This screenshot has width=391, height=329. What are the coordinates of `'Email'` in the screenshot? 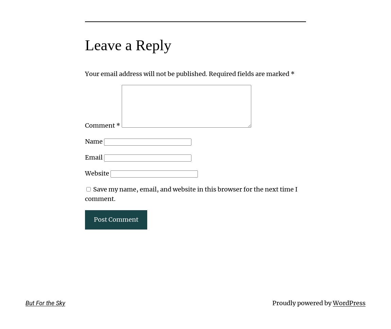 It's located at (85, 157).